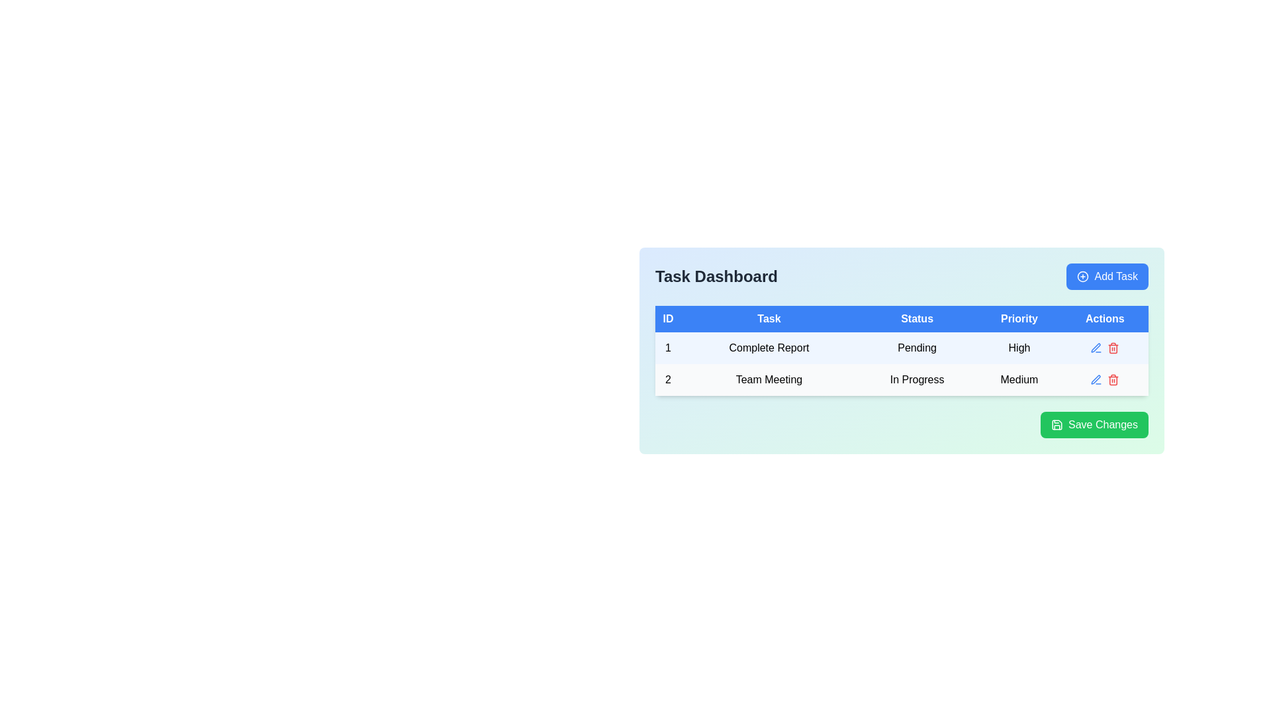 This screenshot has width=1271, height=715. Describe the element at coordinates (1113, 347) in the screenshot. I see `the red trash icon button located under the 'Actions' column in the second row of the Task Dashboard table, which represents the delete functionality for a task` at that location.